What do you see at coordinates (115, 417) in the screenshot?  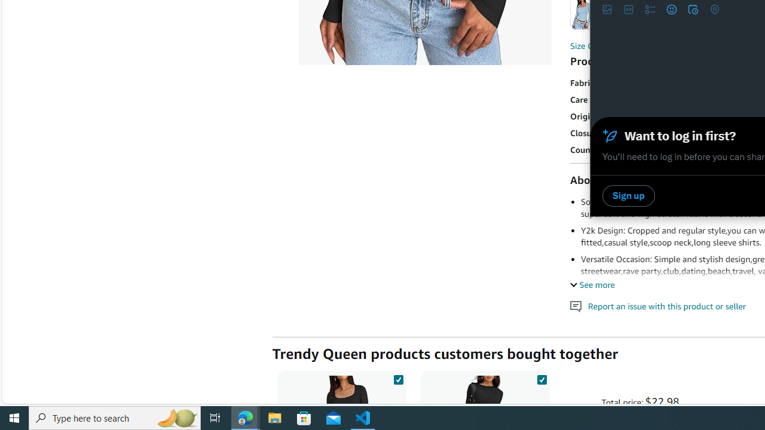 I see `'Type here to search'` at bounding box center [115, 417].